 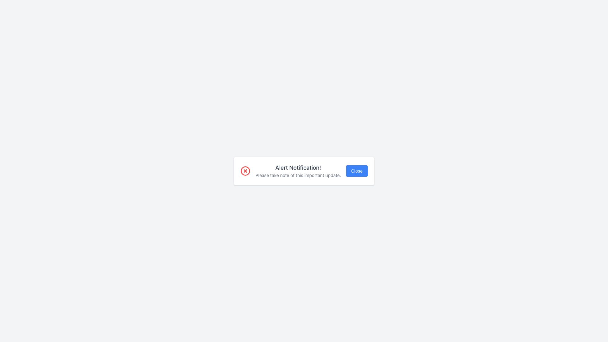 What do you see at coordinates (298, 171) in the screenshot?
I see `text displayed in the 'Alert Notification!' box, which includes the main heading and subtext` at bounding box center [298, 171].